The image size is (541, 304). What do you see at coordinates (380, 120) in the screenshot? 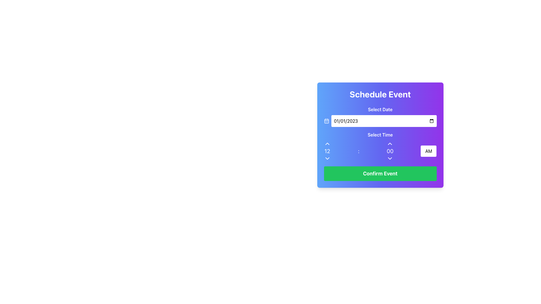
I see `the input field of the Date Picker located in the 'Select Date' section of the 'Schedule Event' modal to modify the date` at bounding box center [380, 120].